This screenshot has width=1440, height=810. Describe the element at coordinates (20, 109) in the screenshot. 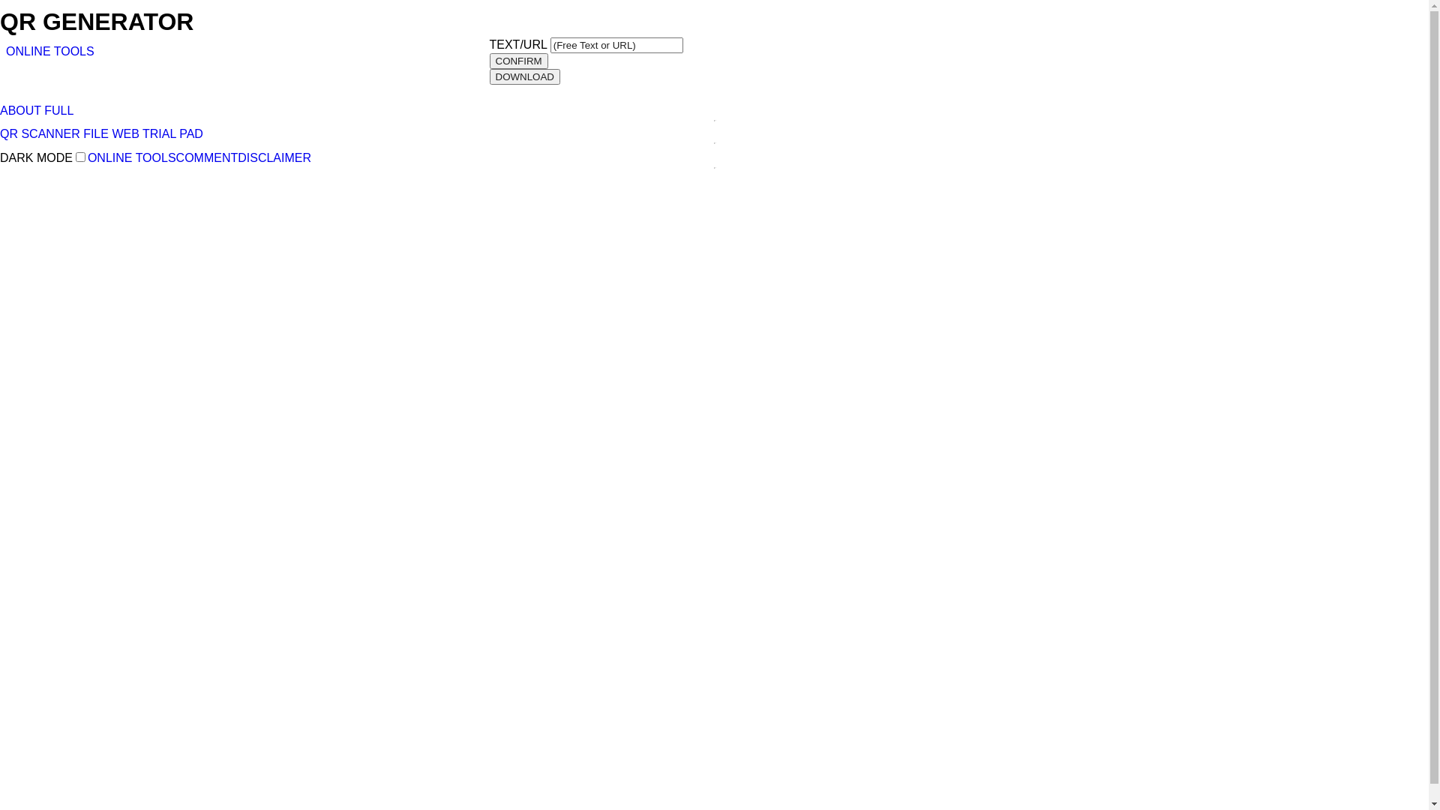

I see `'ABOUT'` at that location.